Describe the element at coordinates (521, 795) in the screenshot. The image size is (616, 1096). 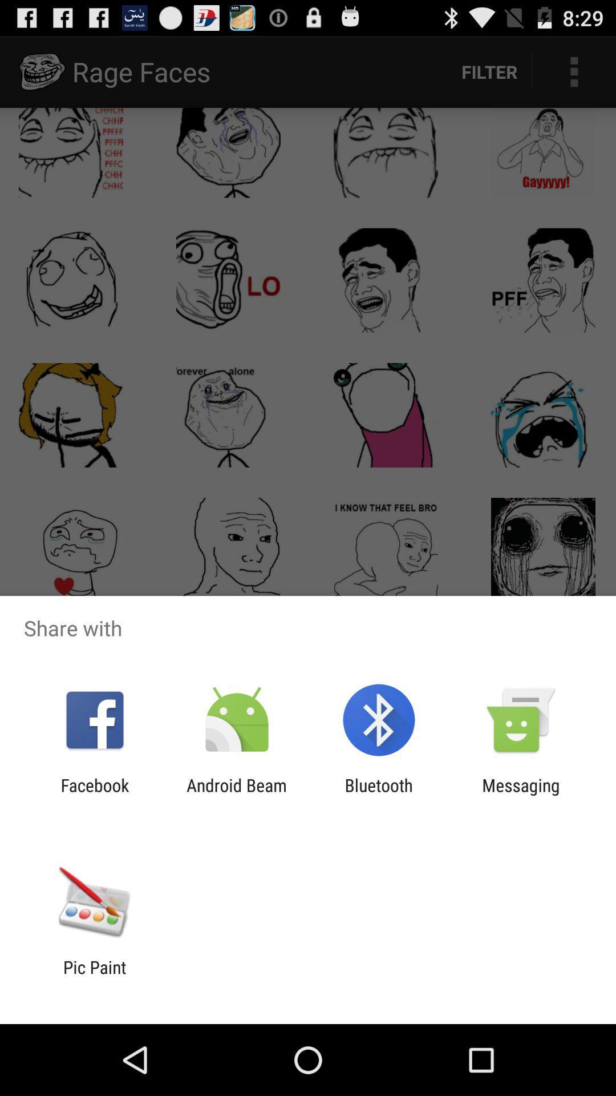
I see `the app to the right of bluetooth item` at that location.